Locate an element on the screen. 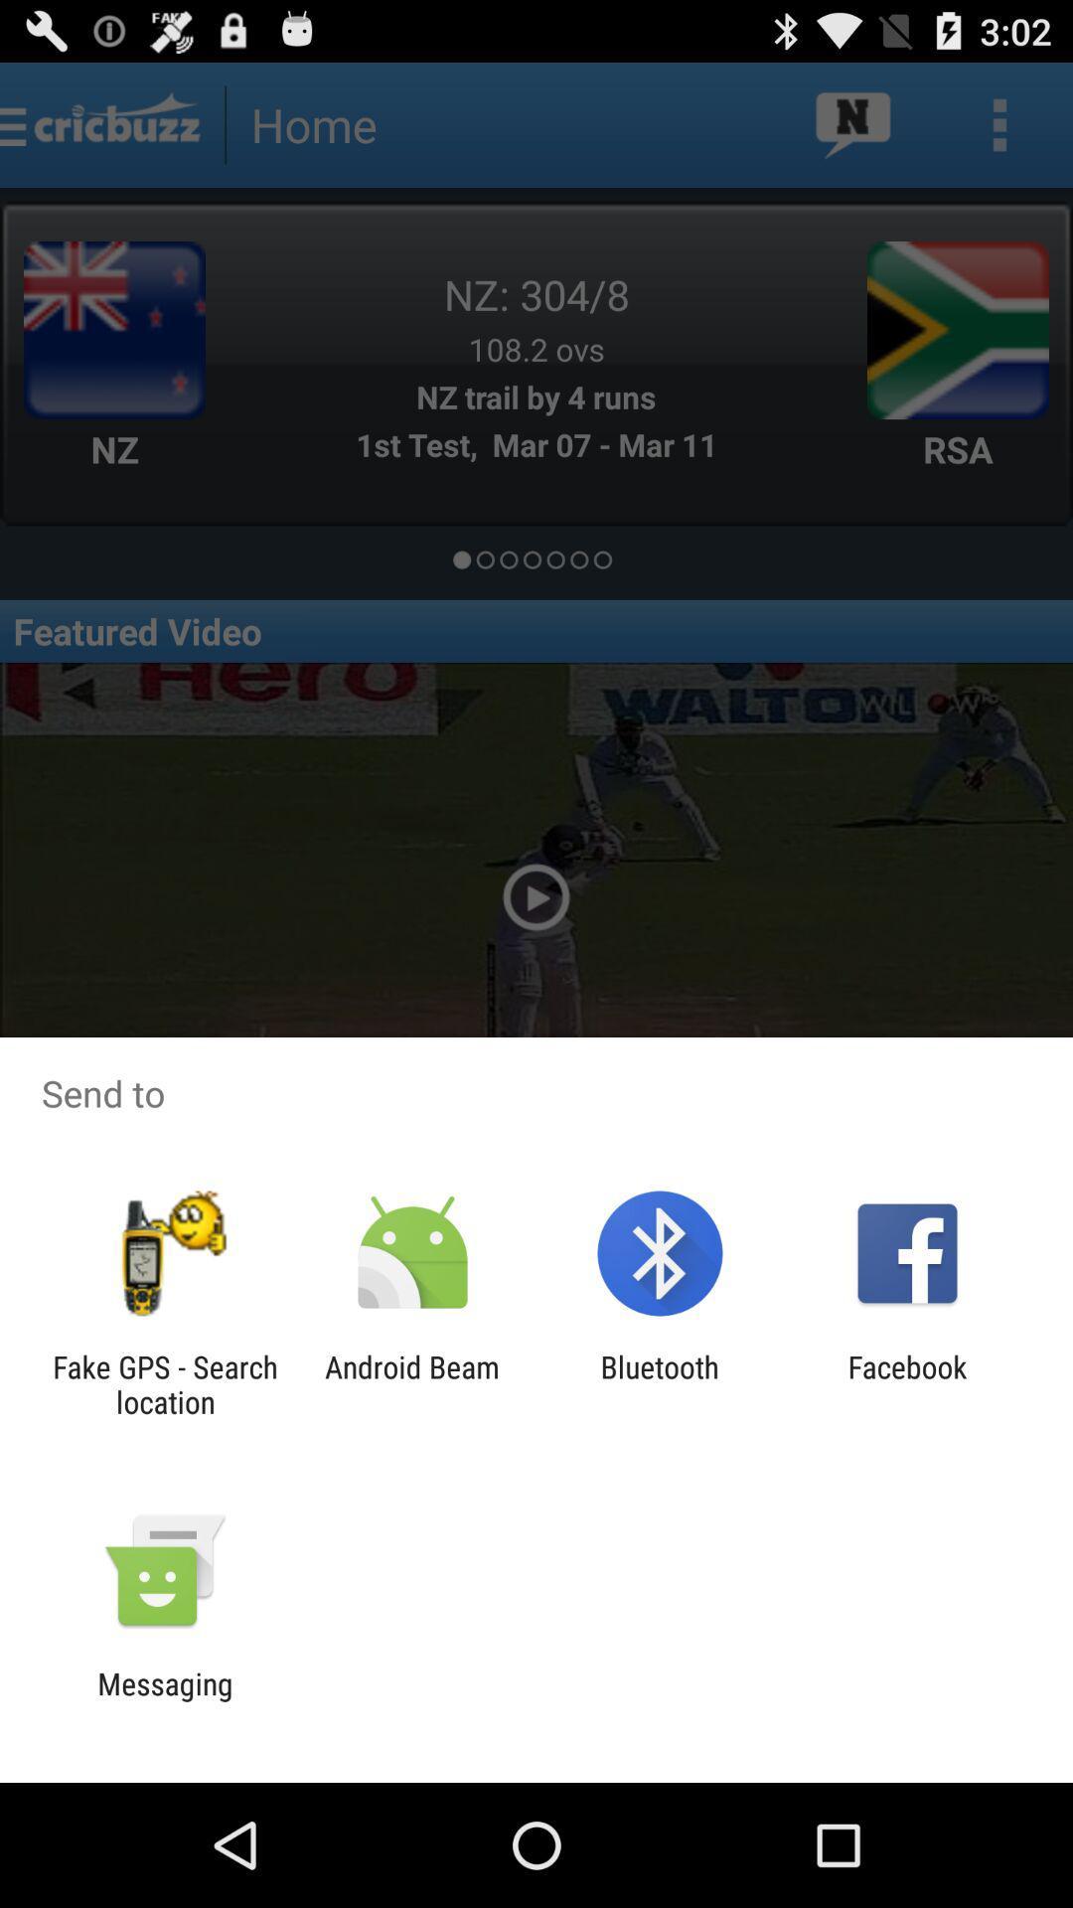  messaging app is located at coordinates (164, 1700).